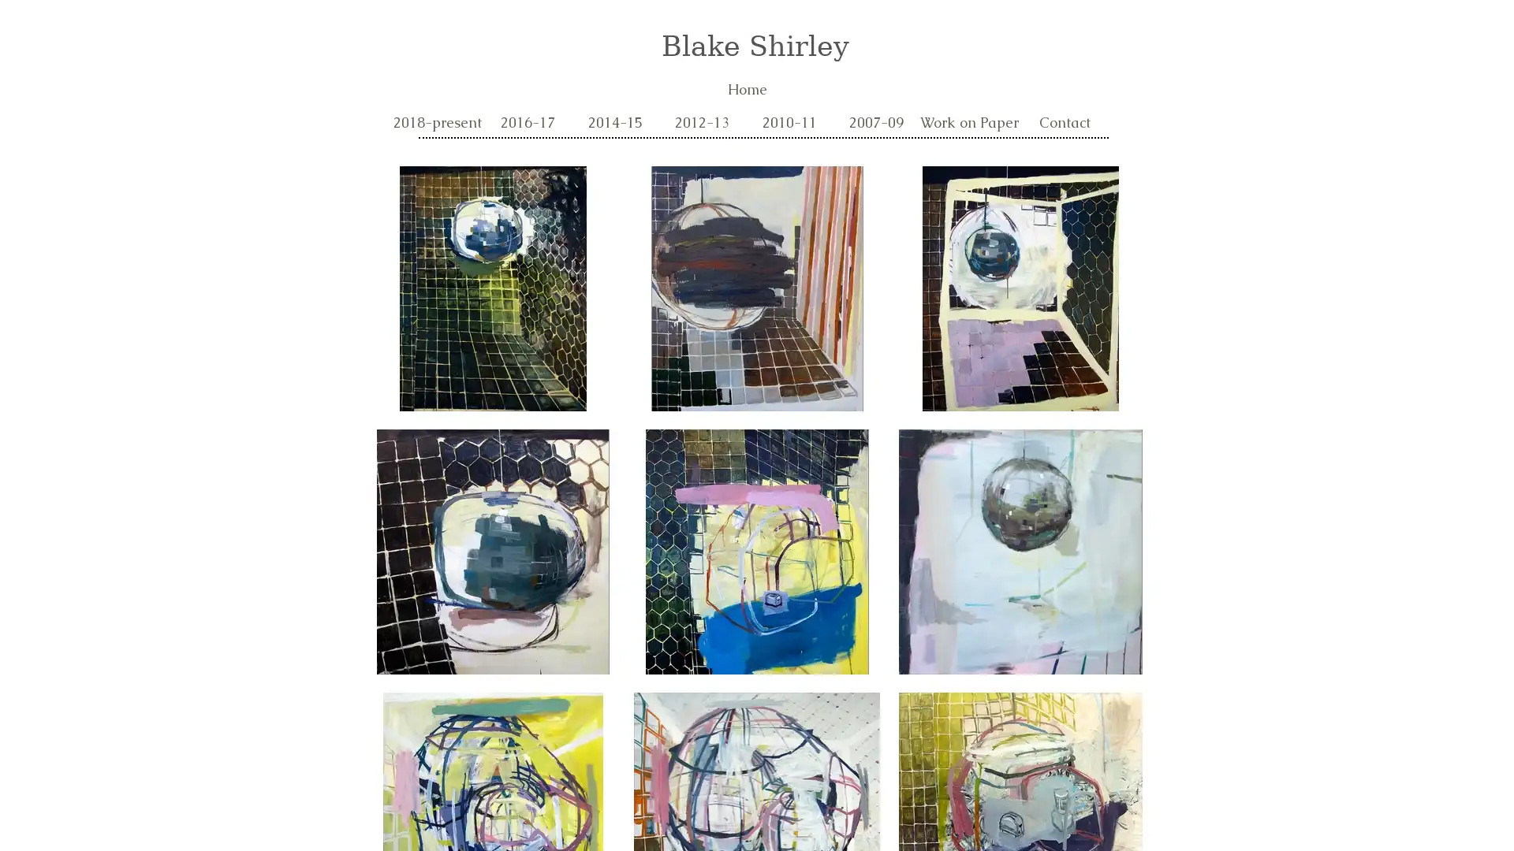 The image size is (1514, 851). Describe the element at coordinates (492, 551) in the screenshot. I see `3.jpg` at that location.